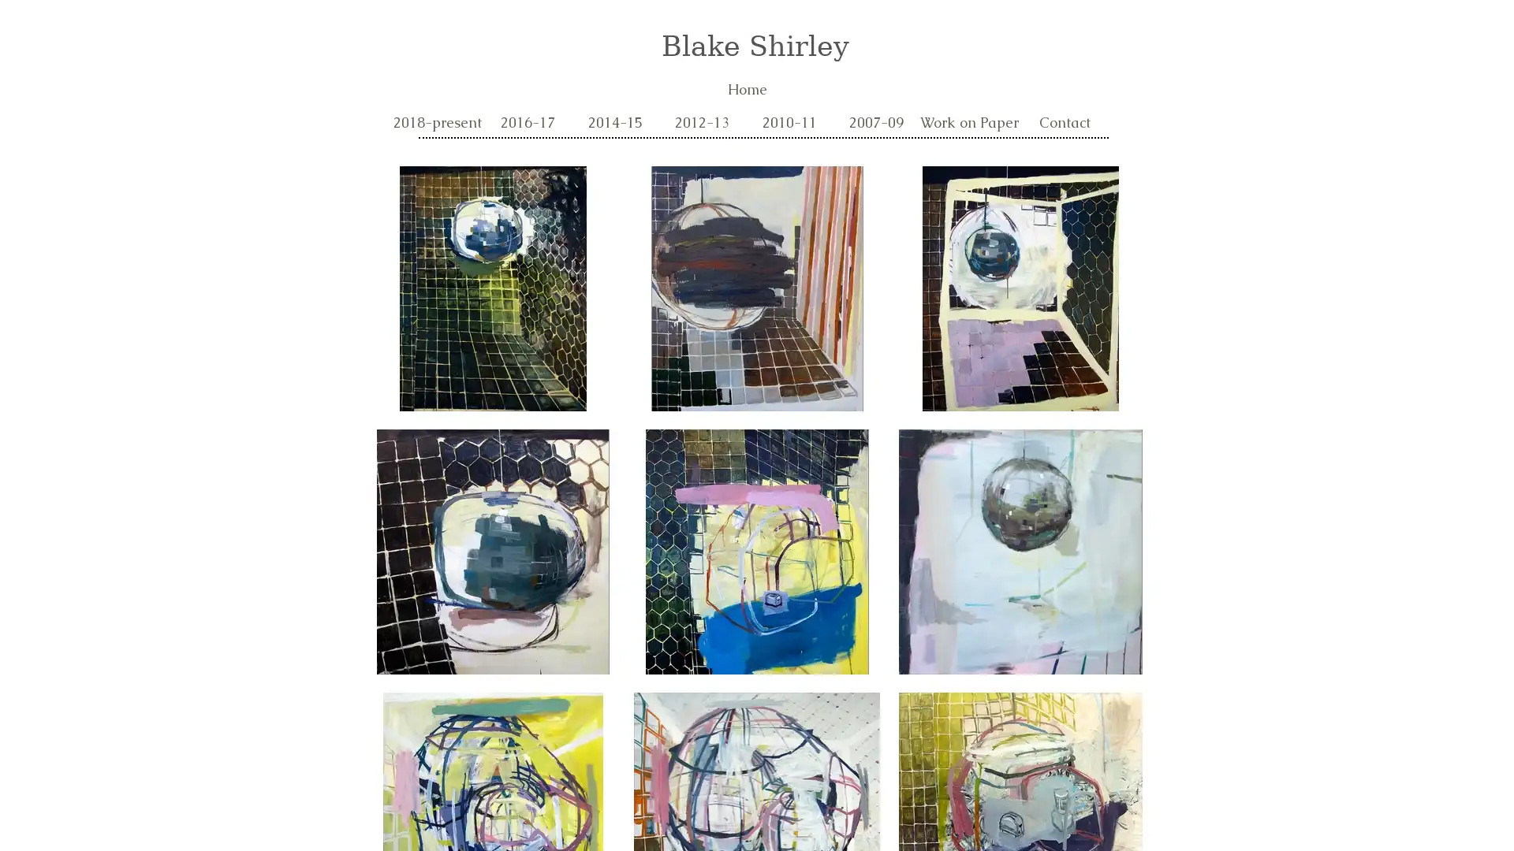 The image size is (1514, 851). Describe the element at coordinates (492, 551) in the screenshot. I see `3.jpg` at that location.